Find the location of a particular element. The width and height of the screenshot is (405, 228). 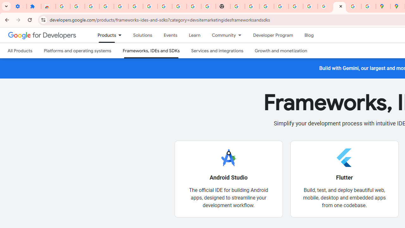

'Events' is located at coordinates (170, 35).